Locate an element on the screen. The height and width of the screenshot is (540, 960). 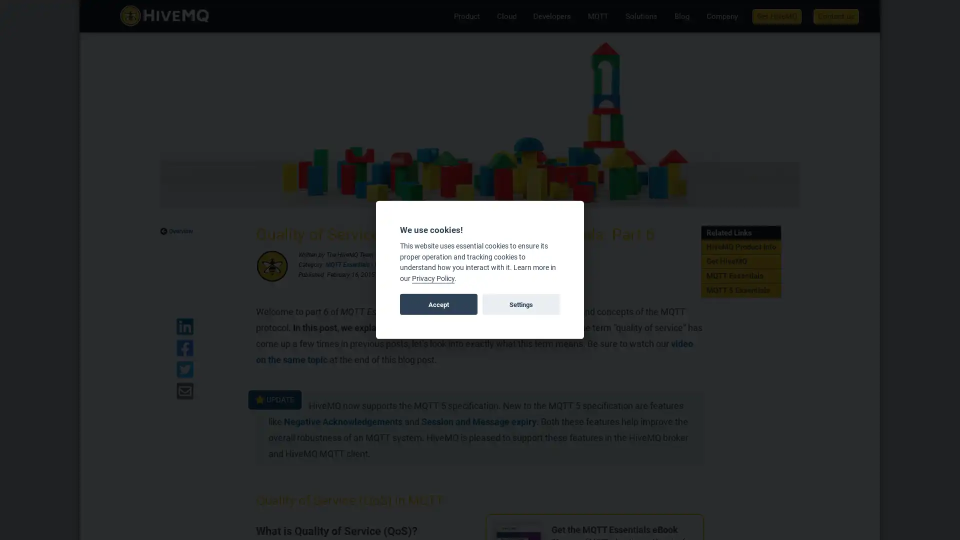
Contact us is located at coordinates (836, 15).